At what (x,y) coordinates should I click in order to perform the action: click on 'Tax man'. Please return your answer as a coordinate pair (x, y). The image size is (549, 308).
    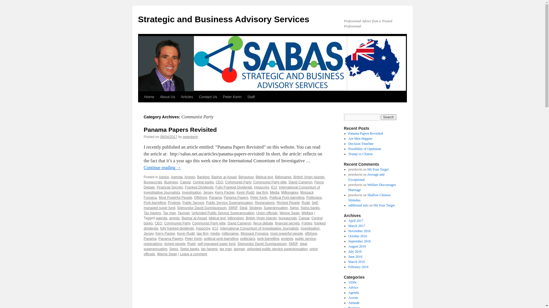
    Looking at the image, I should click on (169, 213).